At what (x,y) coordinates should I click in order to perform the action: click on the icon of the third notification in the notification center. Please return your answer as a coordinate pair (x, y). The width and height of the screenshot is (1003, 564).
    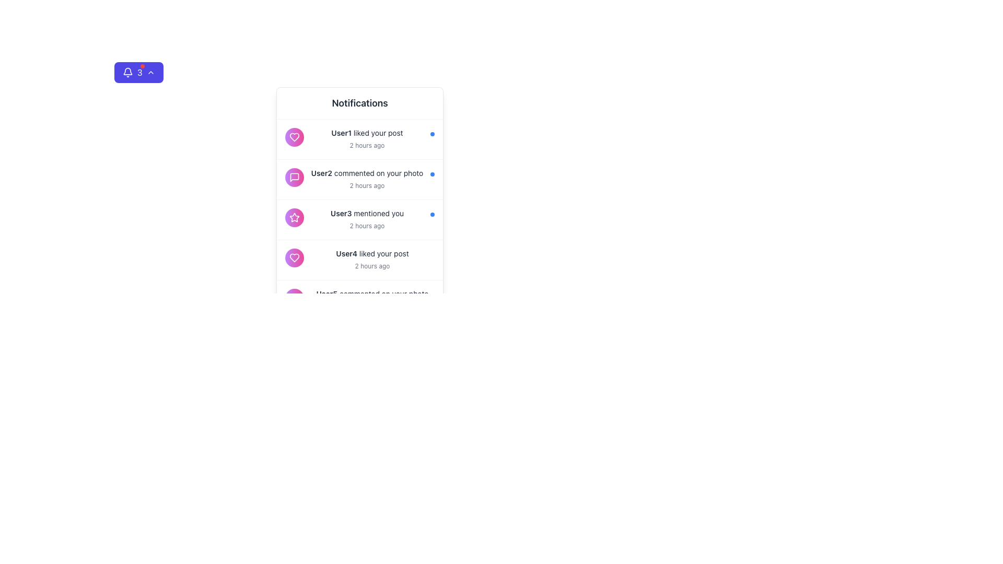
    Looking at the image, I should click on (360, 219).